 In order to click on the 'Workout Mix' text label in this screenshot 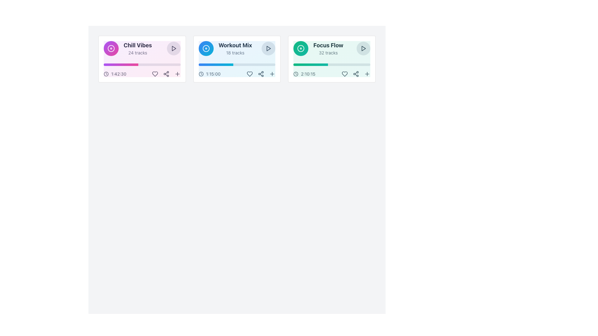, I will do `click(235, 48)`.